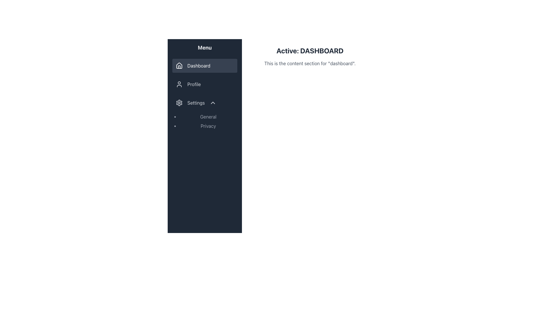 The image size is (557, 313). Describe the element at coordinates (179, 84) in the screenshot. I see `the user profile icon displayed next to the 'Profile' text in the menu list` at that location.